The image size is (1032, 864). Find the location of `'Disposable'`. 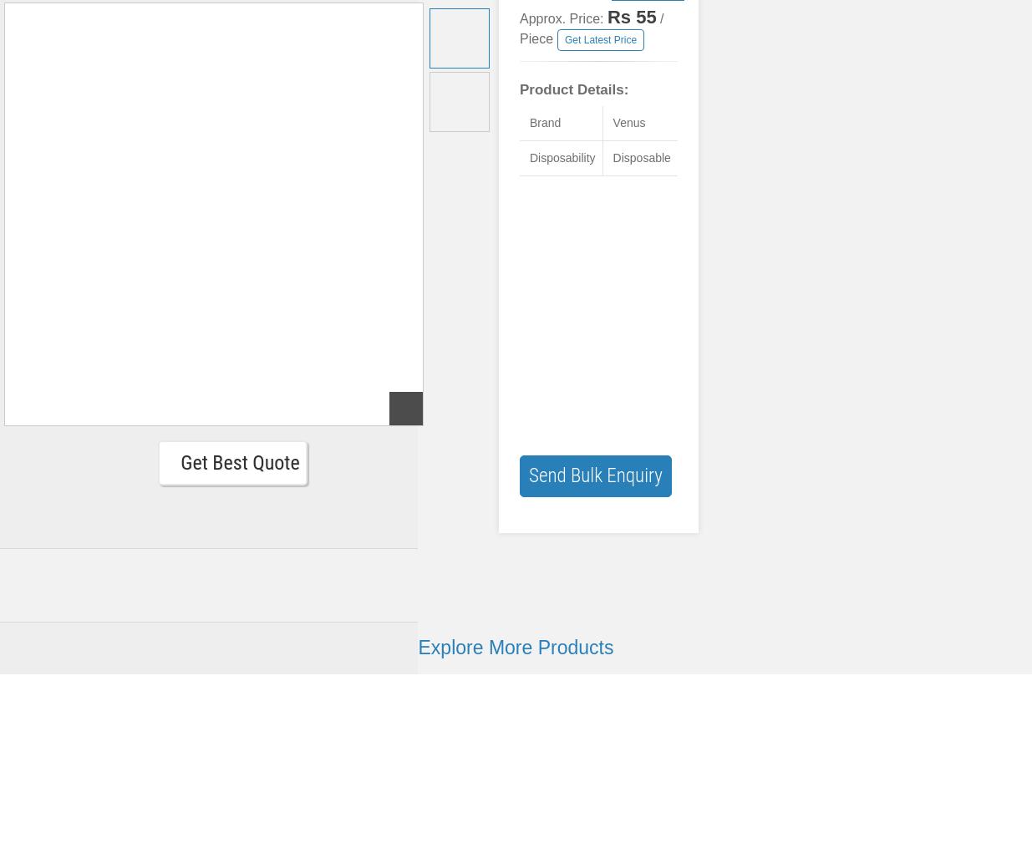

'Disposable' is located at coordinates (612, 158).